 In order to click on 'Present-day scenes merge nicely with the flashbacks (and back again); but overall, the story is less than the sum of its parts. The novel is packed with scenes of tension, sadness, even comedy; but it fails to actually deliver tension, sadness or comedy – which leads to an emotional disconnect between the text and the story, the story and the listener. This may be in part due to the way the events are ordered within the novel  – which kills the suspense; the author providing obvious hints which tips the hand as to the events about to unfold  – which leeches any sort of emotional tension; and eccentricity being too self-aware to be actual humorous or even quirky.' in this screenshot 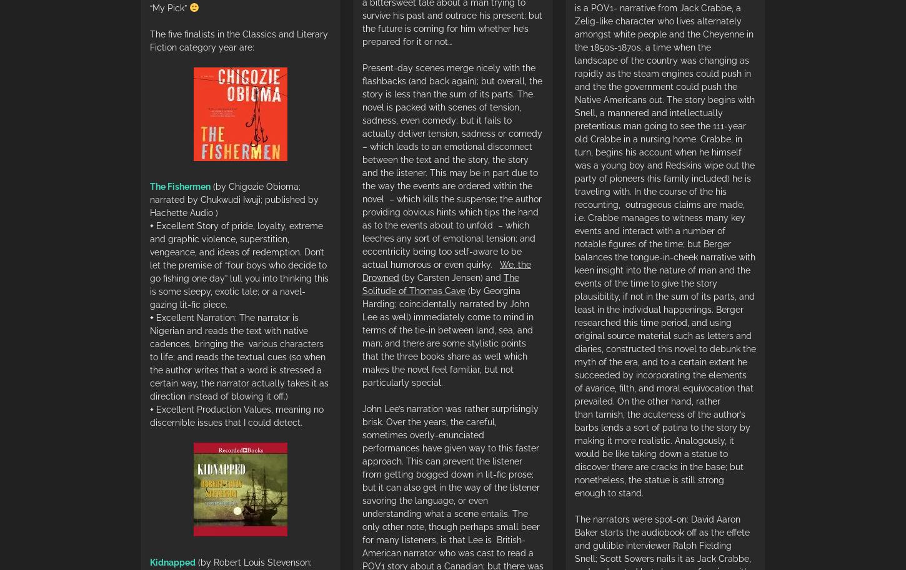, I will do `click(451, 165)`.